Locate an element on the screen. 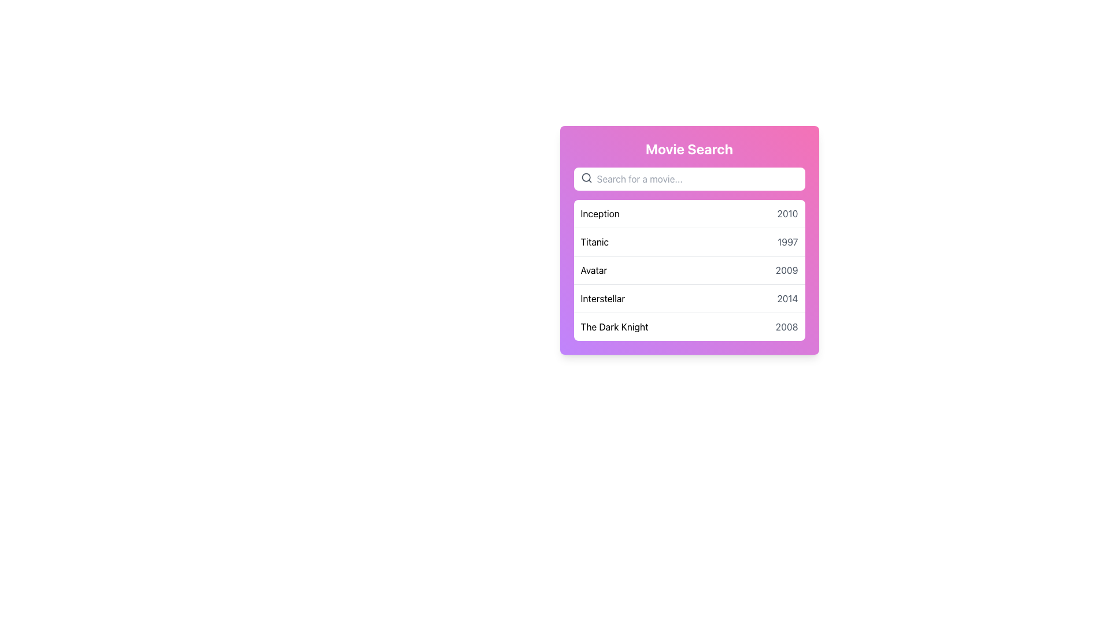 The image size is (1110, 624). the text label displaying the movie title 'Titanic' located in the second row of the search result list under the search bar is located at coordinates (594, 242).